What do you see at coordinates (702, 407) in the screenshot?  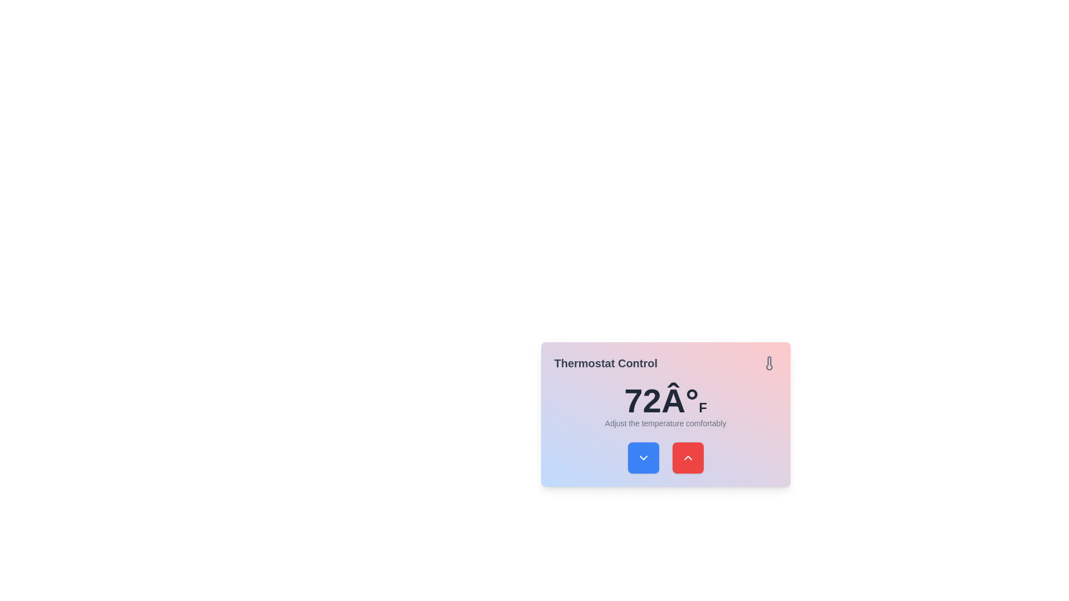 I see `the bold letter 'F' text label, which is right-aligned to the temperature value '72°F' in a card interface` at bounding box center [702, 407].